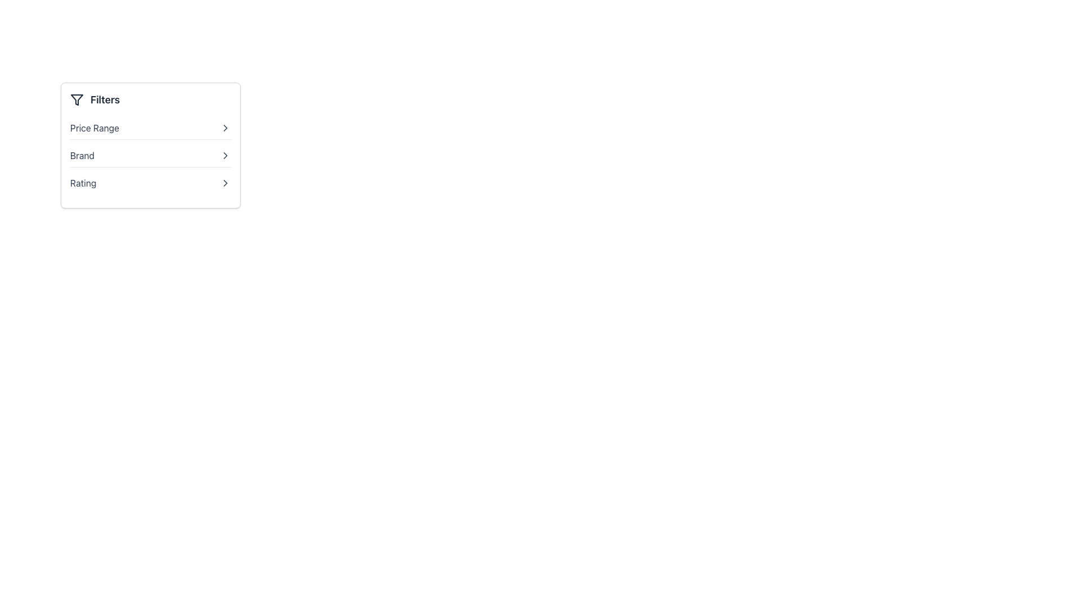 This screenshot has height=607, width=1080. What do you see at coordinates (225, 127) in the screenshot?
I see `the icon on the far right side of the 'Price Range' row` at bounding box center [225, 127].